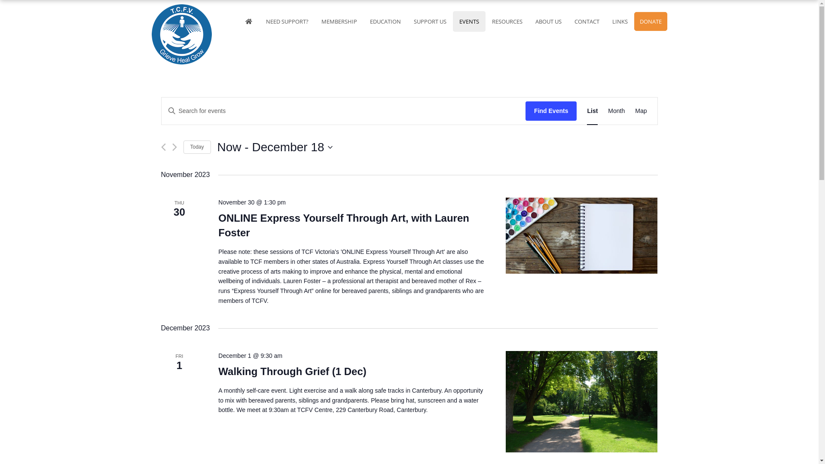  I want to click on 'Today', so click(183, 147).